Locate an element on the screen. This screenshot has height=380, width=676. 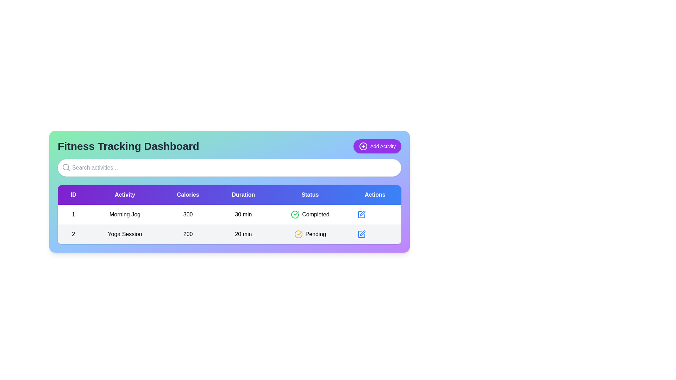
text content 'ID' from the table header cell located at the top-left corner of the table header row in the Fitness Tracking Dashboard is located at coordinates (73, 195).